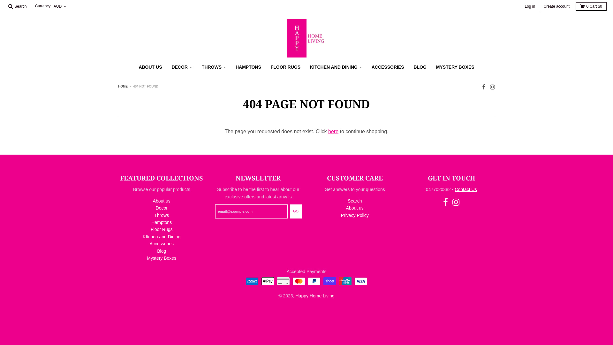 The width and height of the screenshot is (613, 345). What do you see at coordinates (161, 236) in the screenshot?
I see `'KItchen and Dining'` at bounding box center [161, 236].